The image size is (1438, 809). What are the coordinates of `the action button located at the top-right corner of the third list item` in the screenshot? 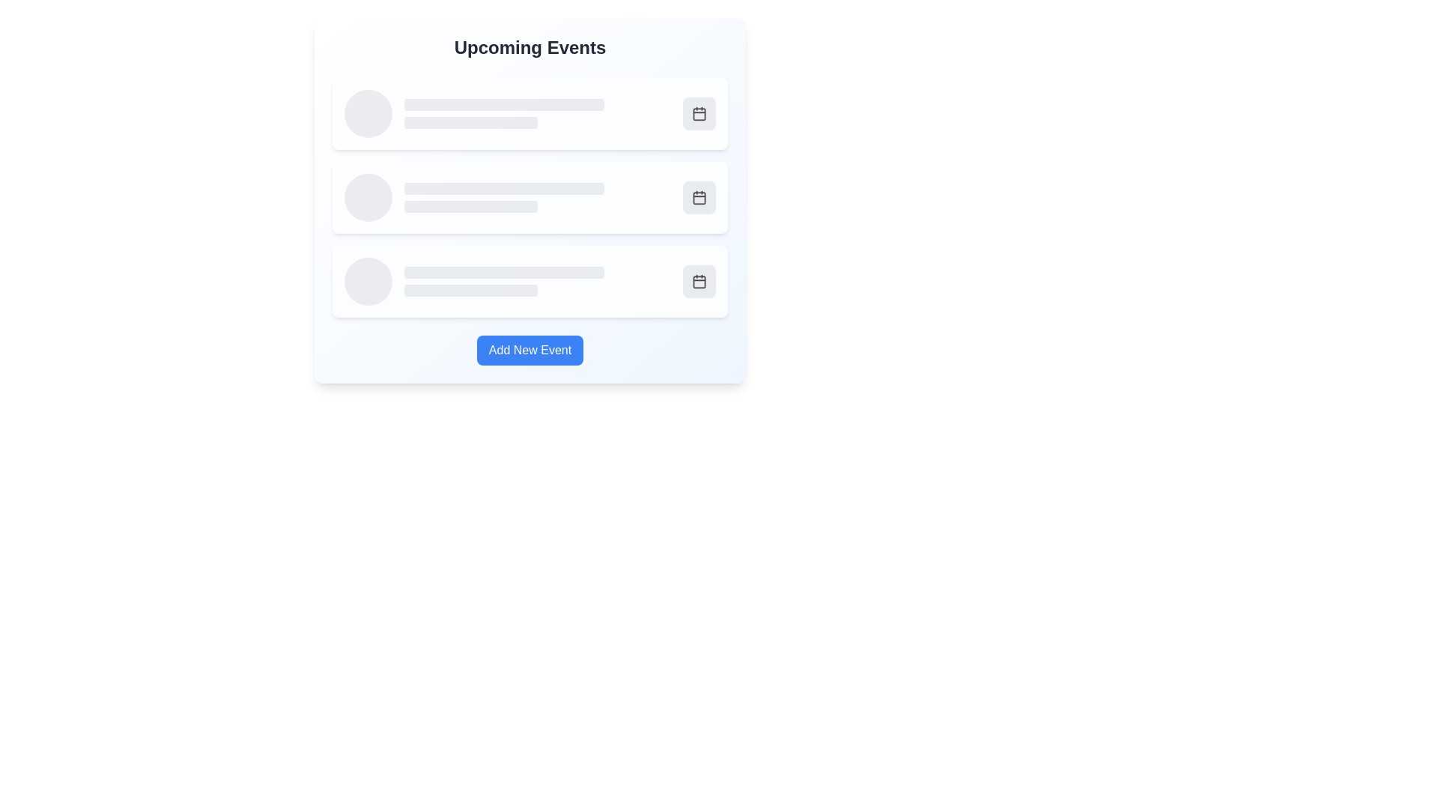 It's located at (699, 281).